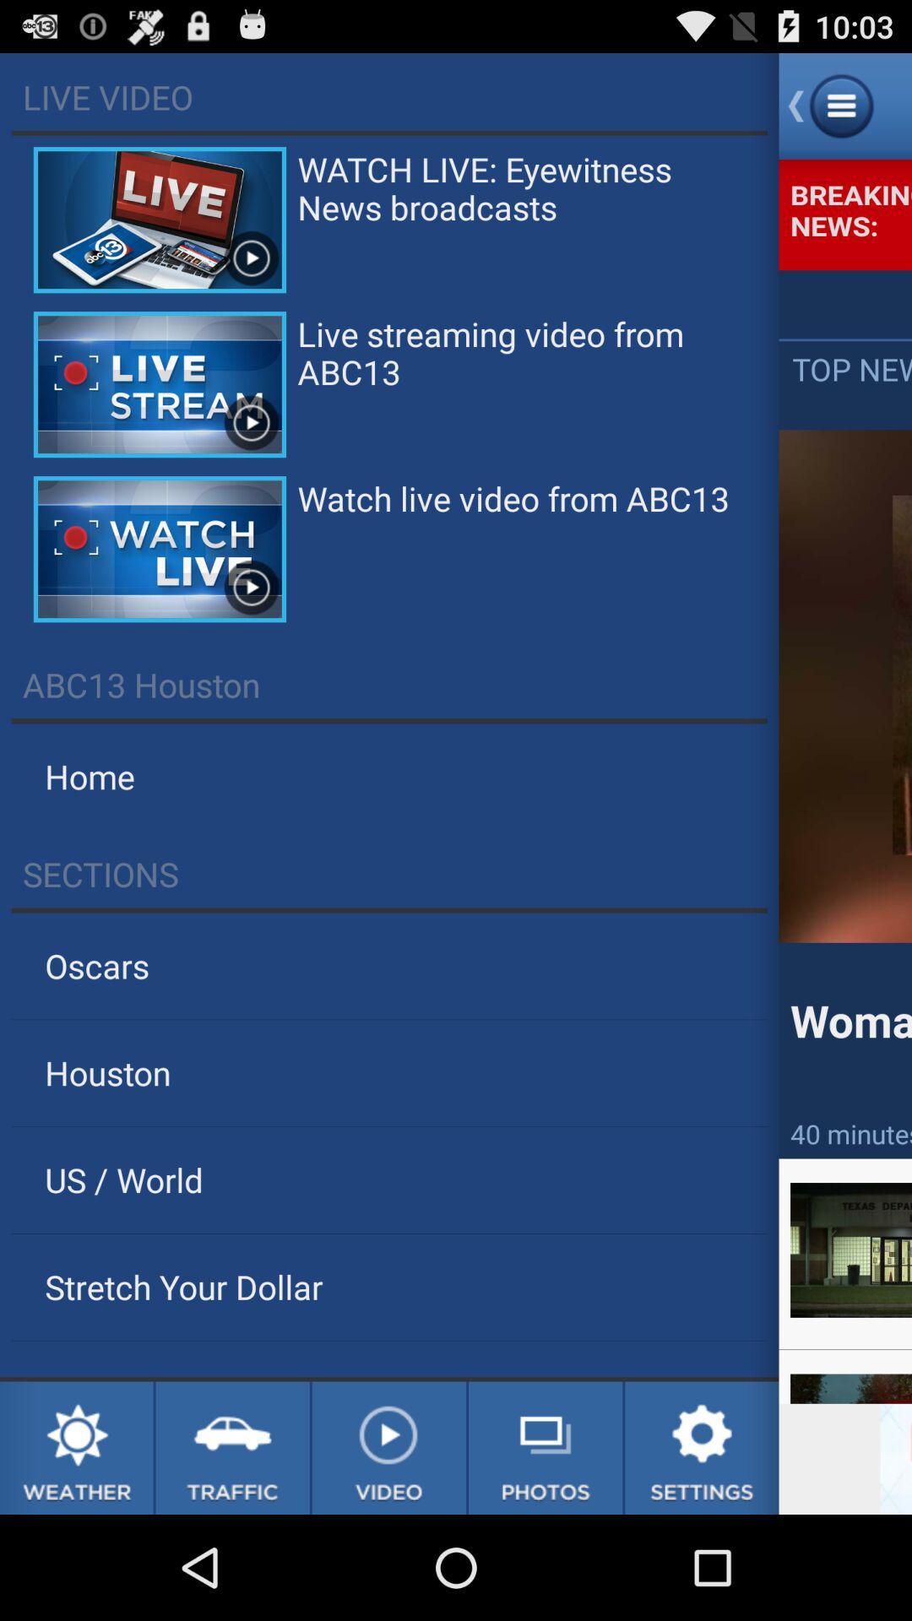 This screenshot has width=912, height=1621. What do you see at coordinates (845, 105) in the screenshot?
I see `the more options button` at bounding box center [845, 105].